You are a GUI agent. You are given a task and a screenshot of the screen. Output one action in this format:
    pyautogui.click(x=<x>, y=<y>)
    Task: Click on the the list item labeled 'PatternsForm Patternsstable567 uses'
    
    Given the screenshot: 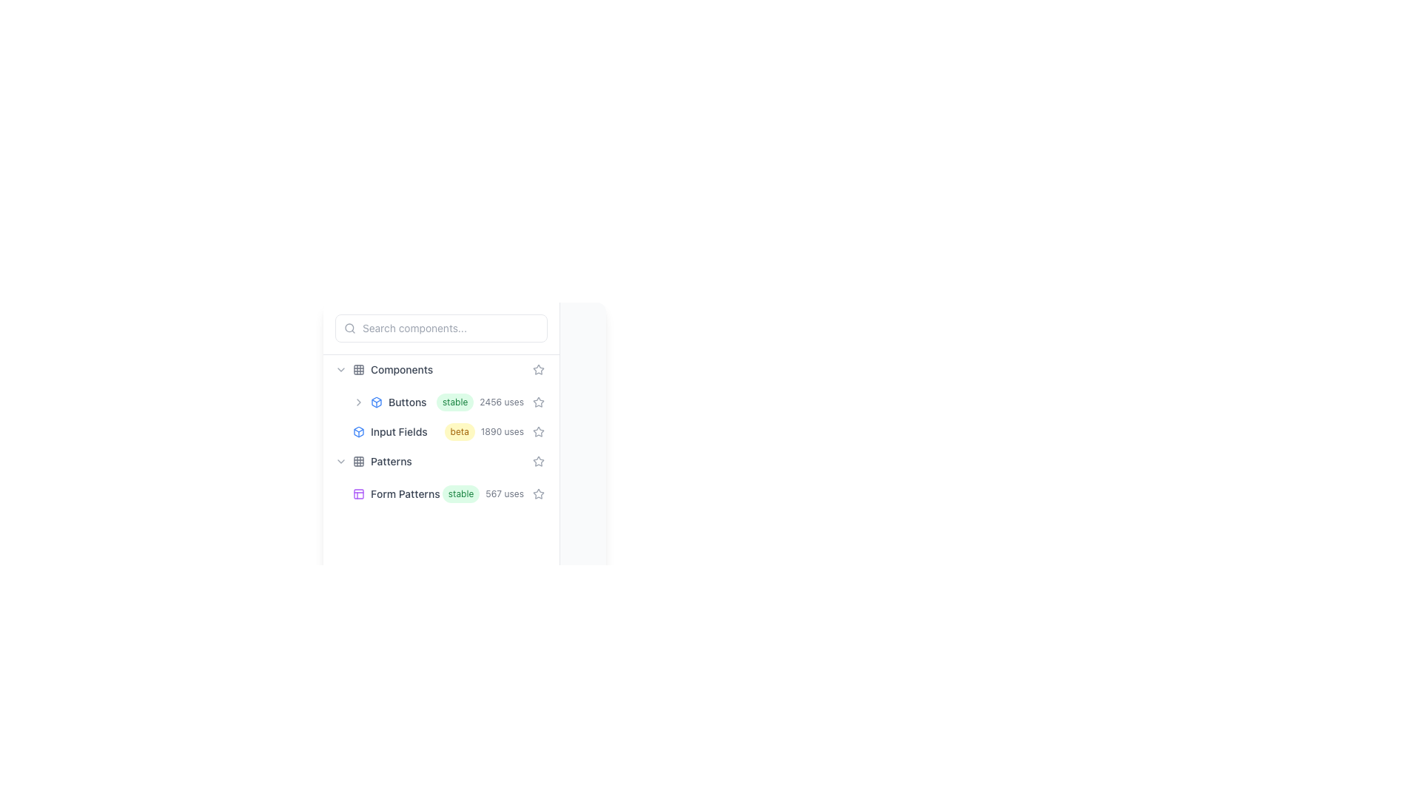 What is the action you would take?
    pyautogui.click(x=440, y=477)
    